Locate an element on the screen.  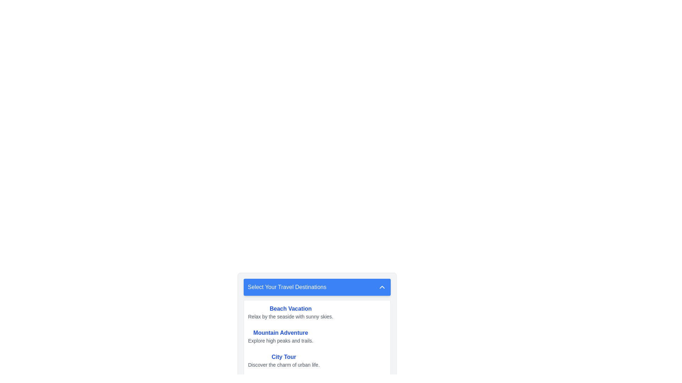
the static text label that displays 'Explore high peaks and trails.' positioned below the blue header 'Select Your Travel Destinations' is located at coordinates (280, 340).